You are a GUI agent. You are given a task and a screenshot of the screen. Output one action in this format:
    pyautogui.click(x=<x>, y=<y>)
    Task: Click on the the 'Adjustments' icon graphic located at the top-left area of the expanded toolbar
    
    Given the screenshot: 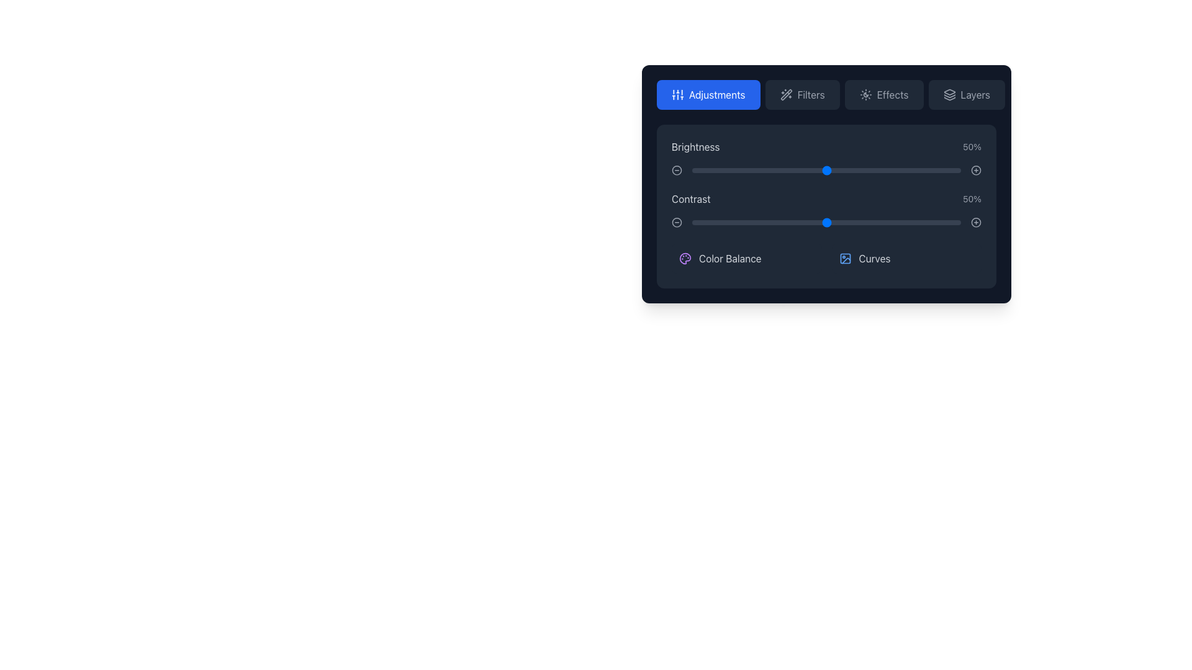 What is the action you would take?
    pyautogui.click(x=677, y=94)
    